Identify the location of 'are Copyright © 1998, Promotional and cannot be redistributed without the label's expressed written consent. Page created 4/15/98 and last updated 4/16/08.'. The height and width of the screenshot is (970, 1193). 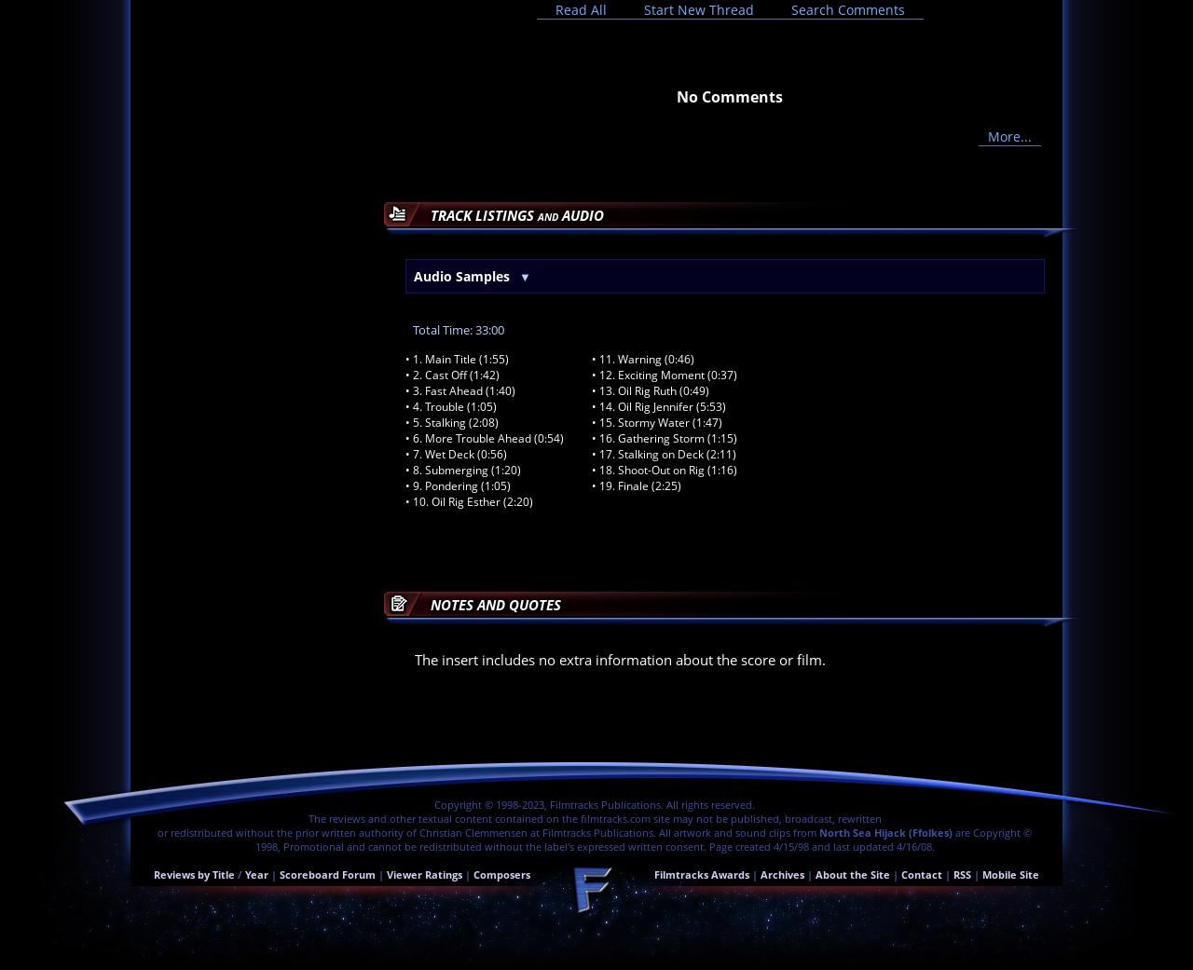
(643, 838).